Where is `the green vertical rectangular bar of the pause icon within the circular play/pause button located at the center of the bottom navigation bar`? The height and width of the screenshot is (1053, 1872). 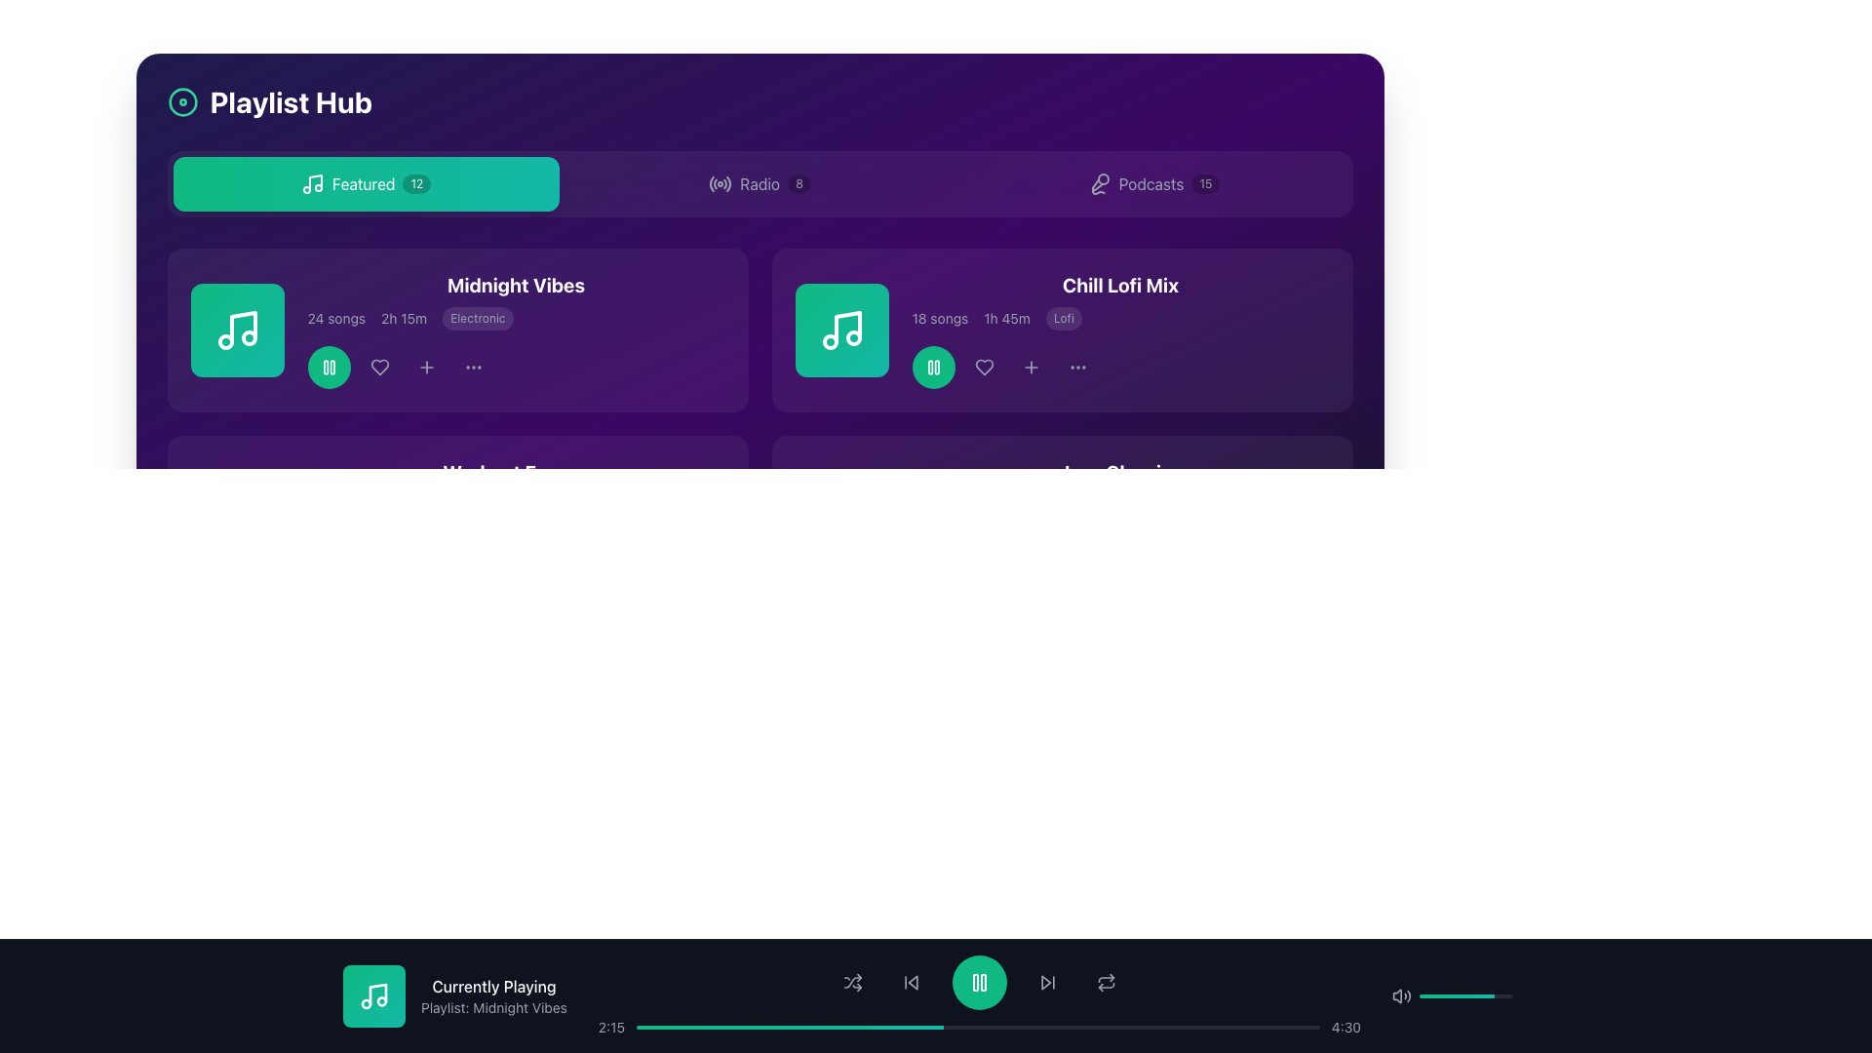
the green vertical rectangular bar of the pause icon within the circular play/pause button located at the center of the bottom navigation bar is located at coordinates (983, 982).